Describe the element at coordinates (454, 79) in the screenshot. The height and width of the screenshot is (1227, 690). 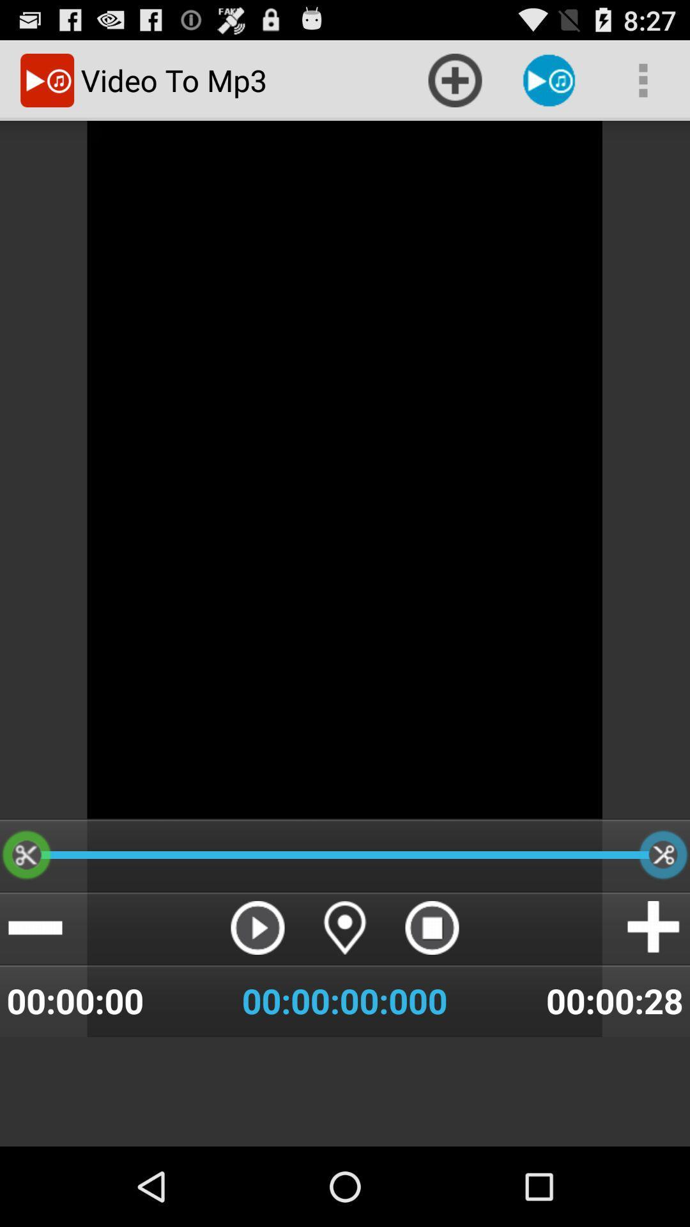
I see `the item next to video to mp3 app` at that location.